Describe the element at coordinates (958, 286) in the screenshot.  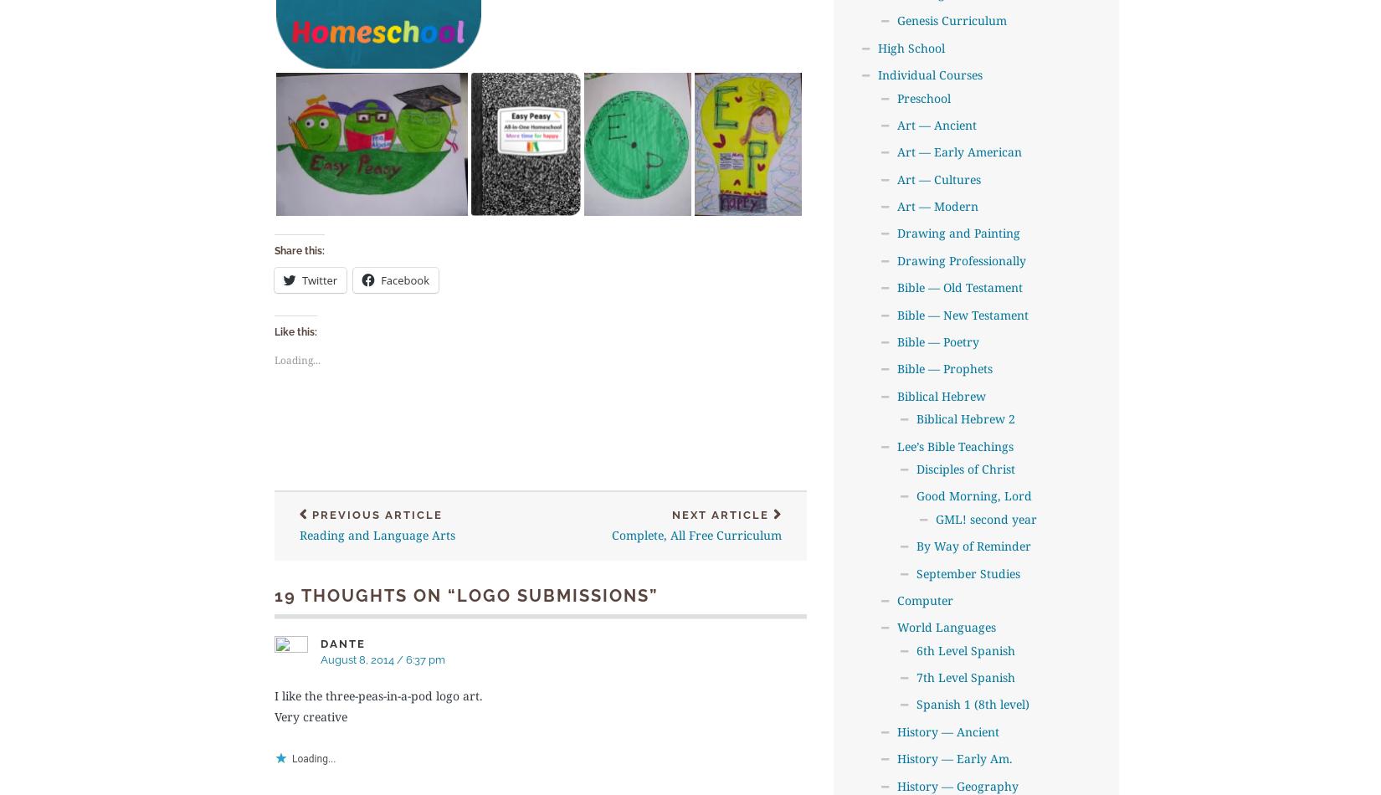
I see `'Bible — Old Testament'` at that location.